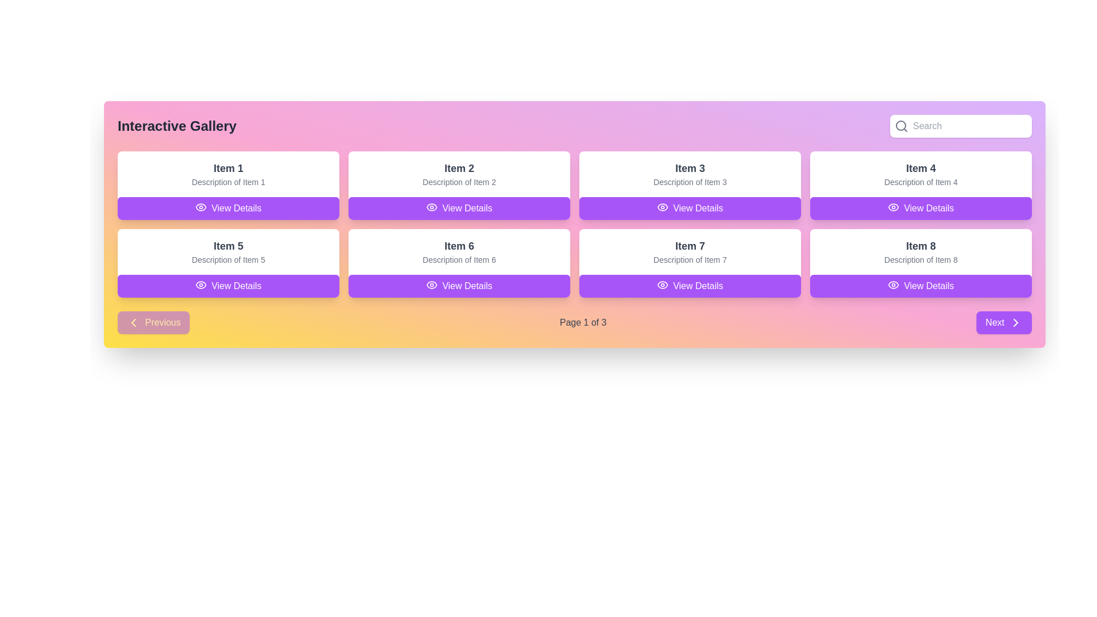 The height and width of the screenshot is (617, 1097). Describe the element at coordinates (459, 209) in the screenshot. I see `the rectangular button with a purple background and white text that reads 'View Details', located at the bottom of the card displaying 'Item 2'` at that location.